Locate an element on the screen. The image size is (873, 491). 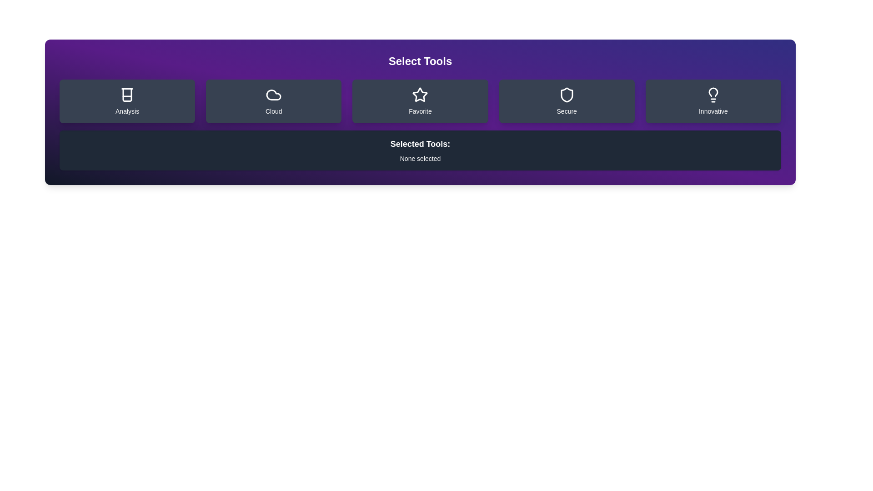
the text label displaying 'Analysis' which is rendered in white font, located at the bottom of a rectangular card component, centered horizontally below a beaker icon is located at coordinates (127, 111).